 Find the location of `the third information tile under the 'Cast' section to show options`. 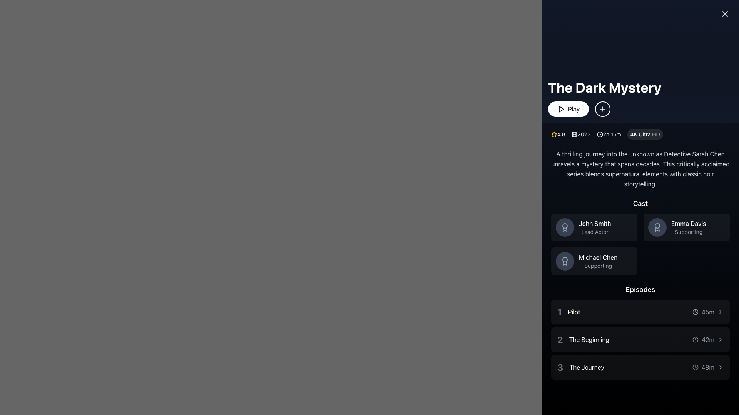

the third information tile under the 'Cast' section to show options is located at coordinates (594, 261).